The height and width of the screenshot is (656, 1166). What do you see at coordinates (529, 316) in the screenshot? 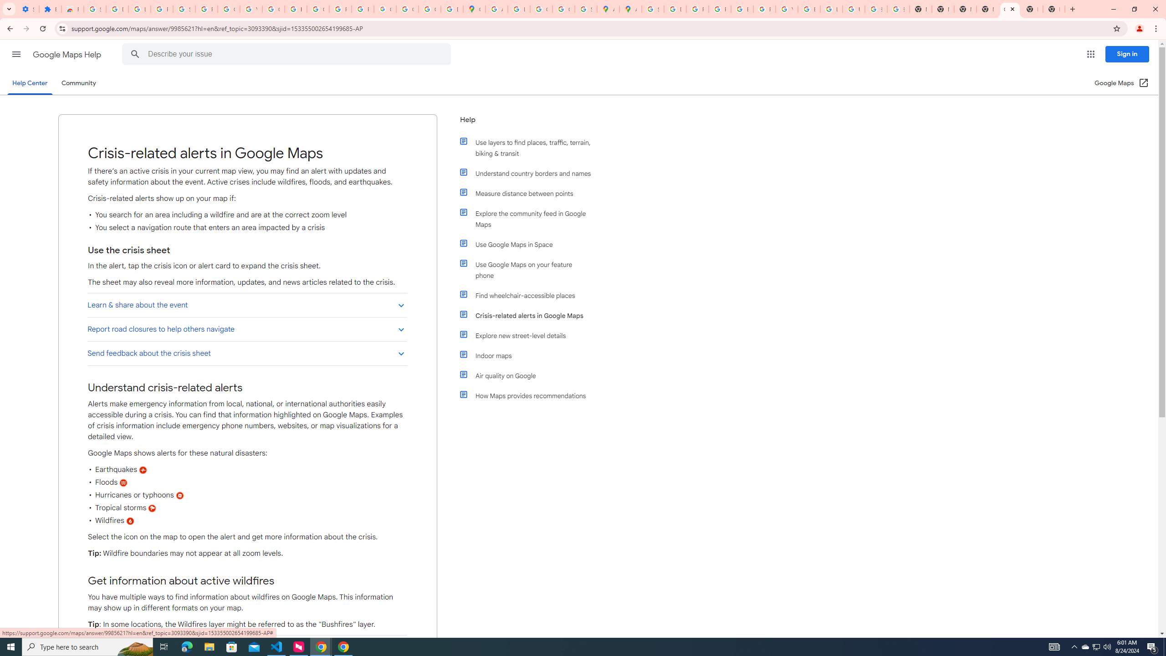
I see `'Crisis-related alerts in Google Maps'` at bounding box center [529, 316].